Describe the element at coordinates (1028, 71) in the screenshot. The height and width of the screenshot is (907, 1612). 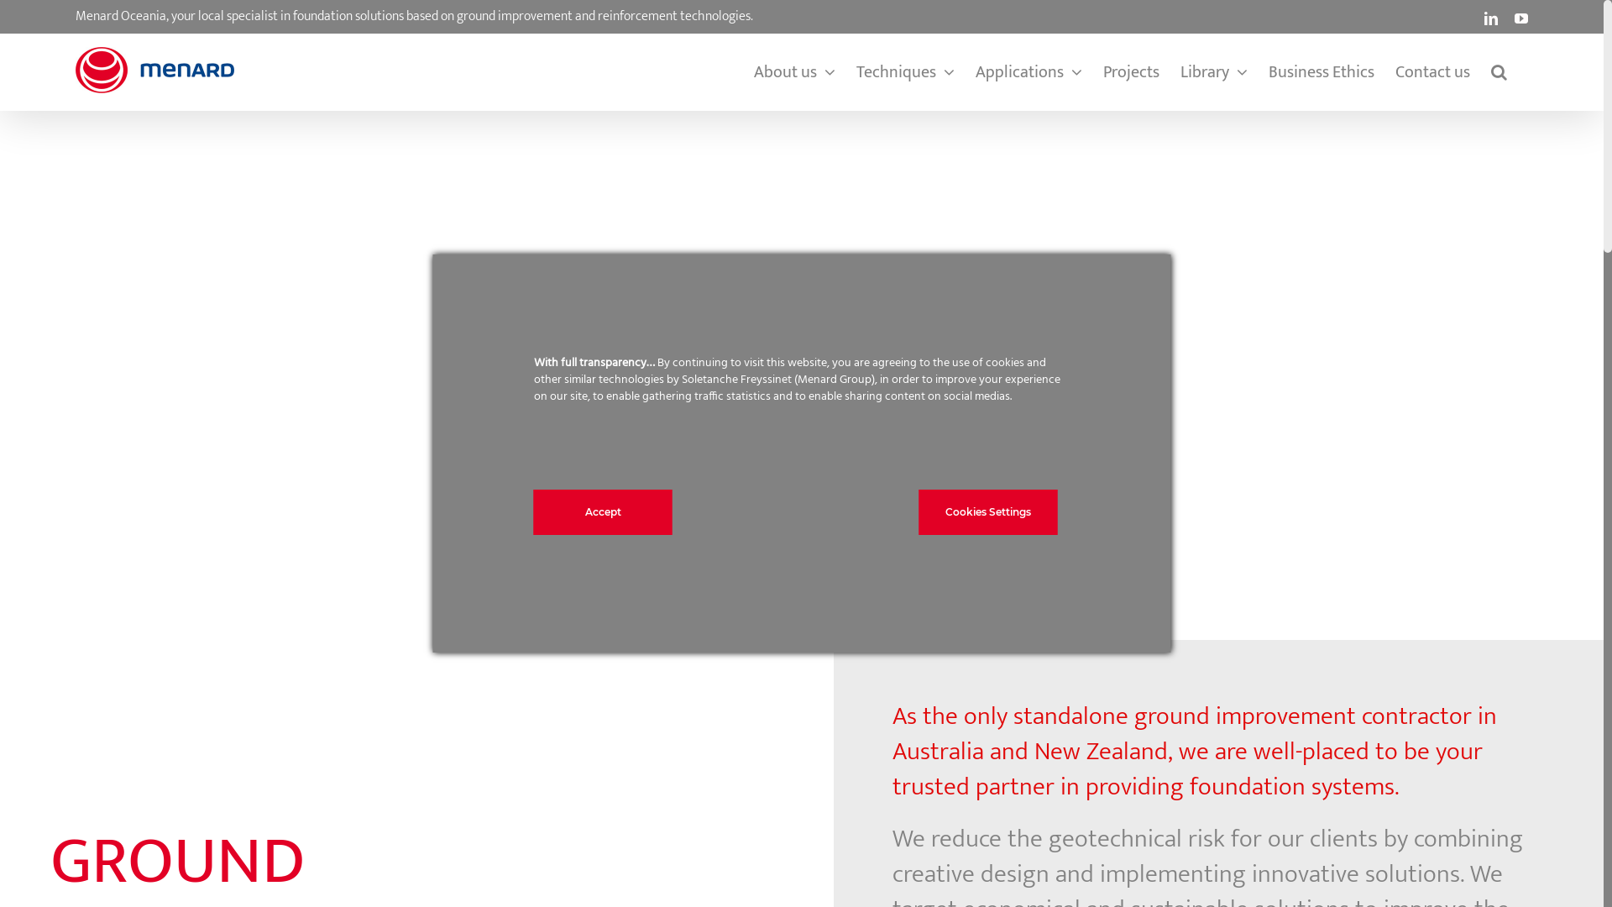
I see `'Applications'` at that location.